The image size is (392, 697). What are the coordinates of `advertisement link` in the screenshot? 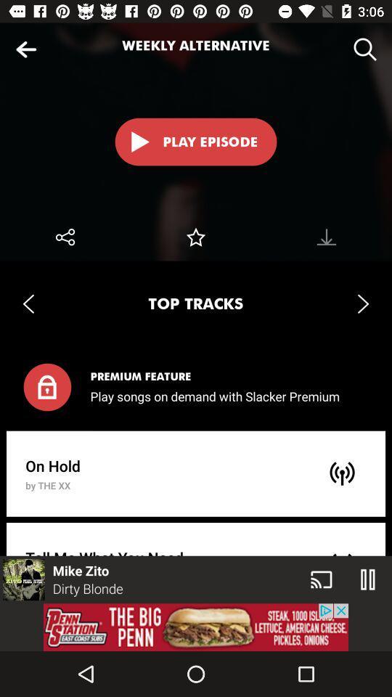 It's located at (196, 627).